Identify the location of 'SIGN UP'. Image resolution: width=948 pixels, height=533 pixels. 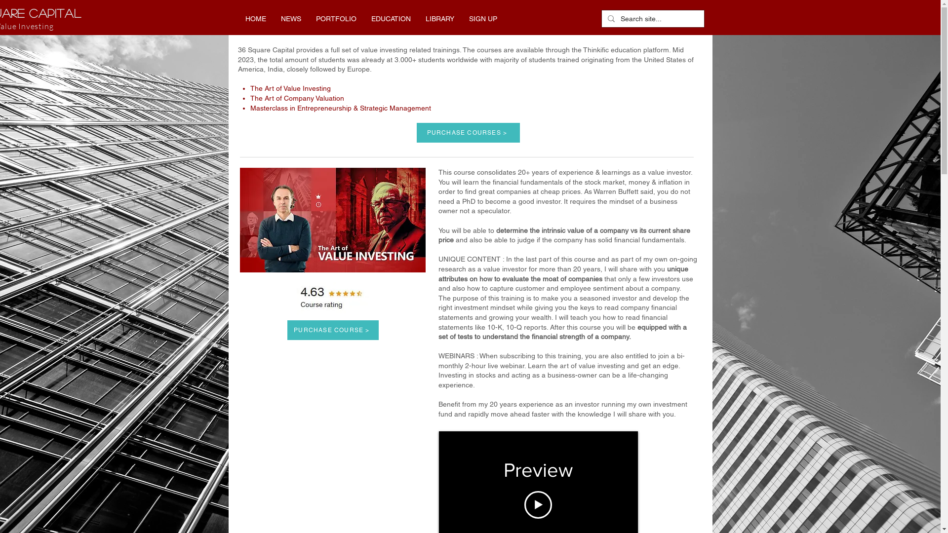
(482, 19).